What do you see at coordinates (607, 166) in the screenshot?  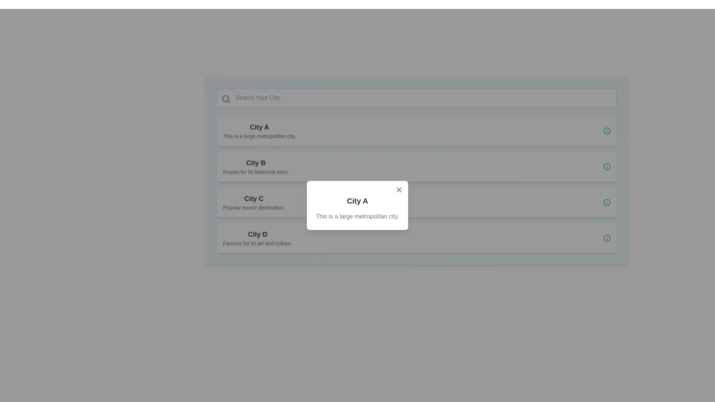 I see `the circular icon with a green border located in the fourth row of the list view on the right side, which indicates information or status` at bounding box center [607, 166].